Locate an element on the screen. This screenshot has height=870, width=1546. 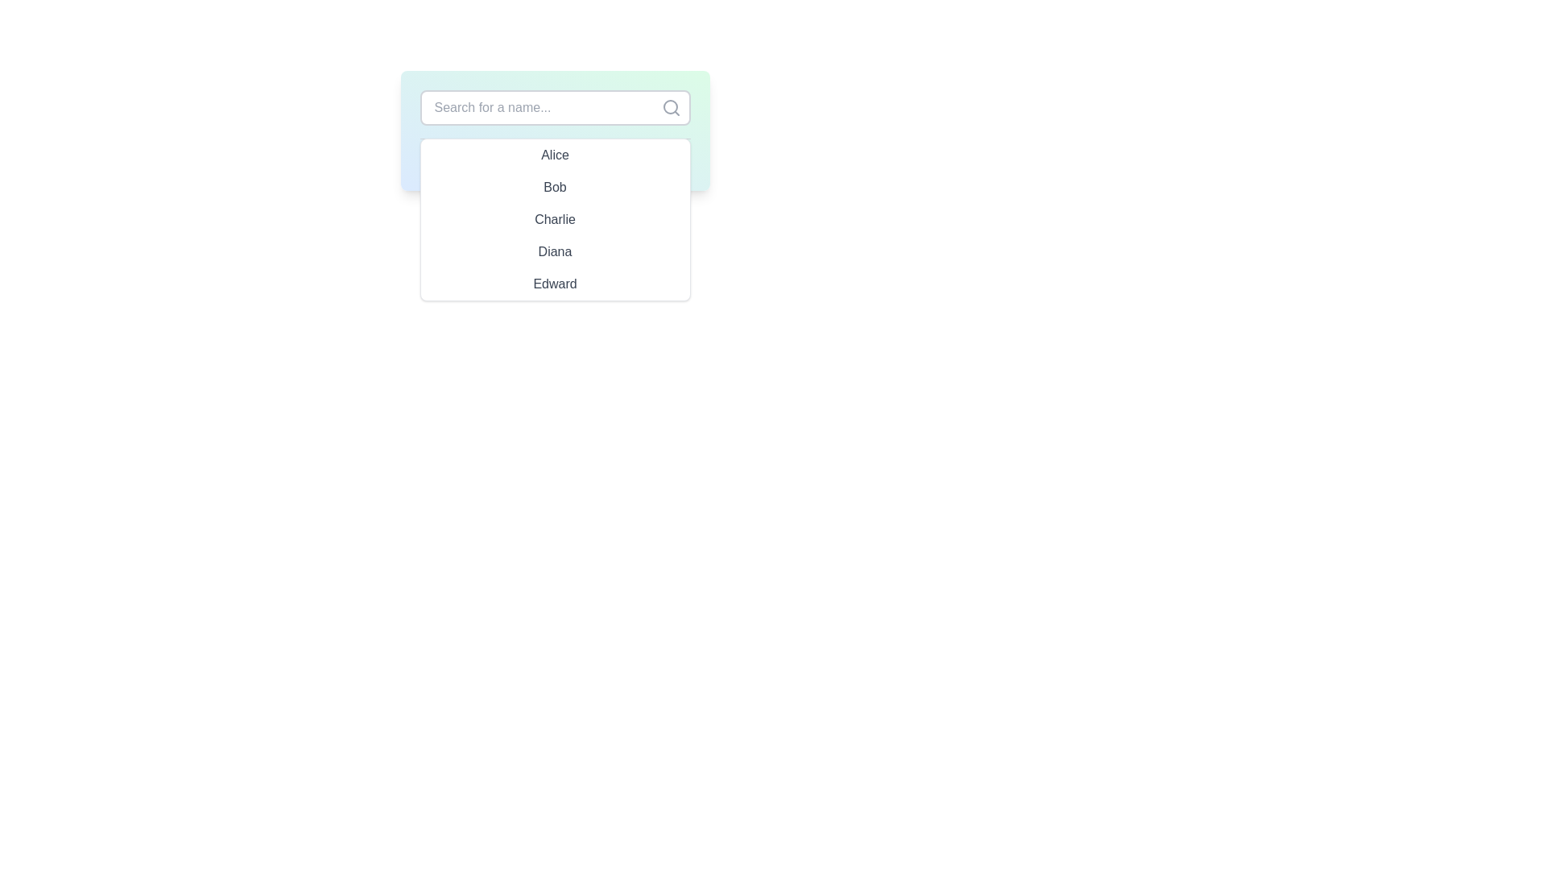
the search icon located inside the search input field, positioned towards the right edge is located at coordinates (671, 108).